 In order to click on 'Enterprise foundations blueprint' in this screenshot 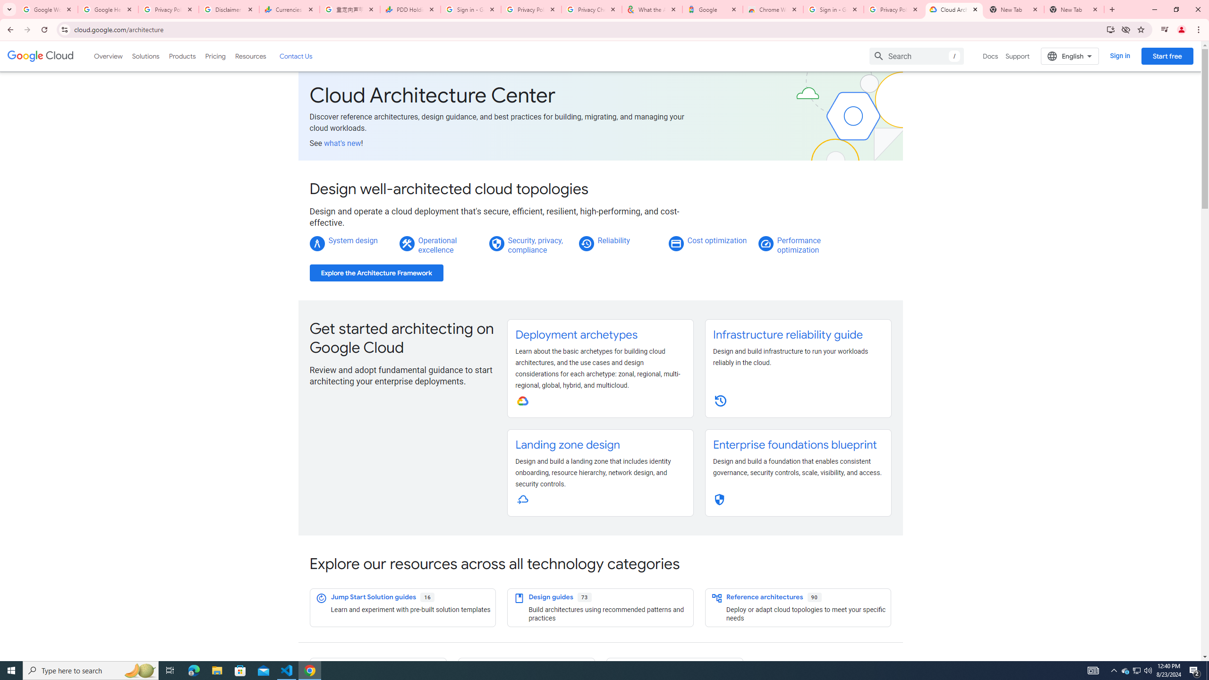, I will do `click(793, 445)`.